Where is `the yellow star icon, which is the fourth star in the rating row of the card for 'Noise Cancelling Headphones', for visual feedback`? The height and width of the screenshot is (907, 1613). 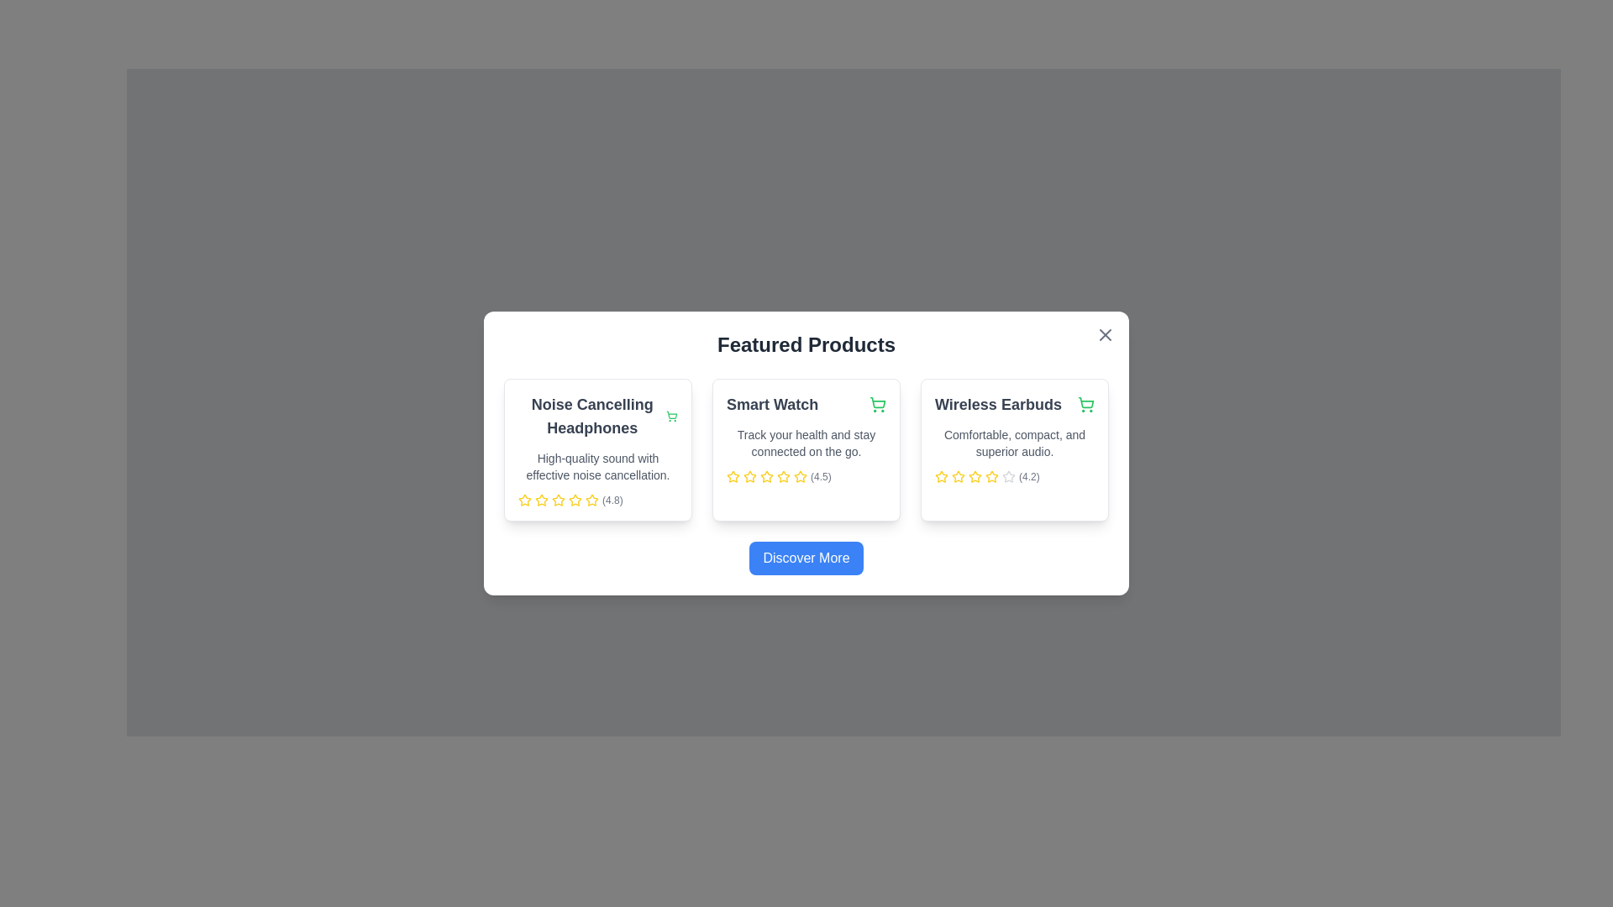 the yellow star icon, which is the fourth star in the rating row of the card for 'Noise Cancelling Headphones', for visual feedback is located at coordinates (523, 499).